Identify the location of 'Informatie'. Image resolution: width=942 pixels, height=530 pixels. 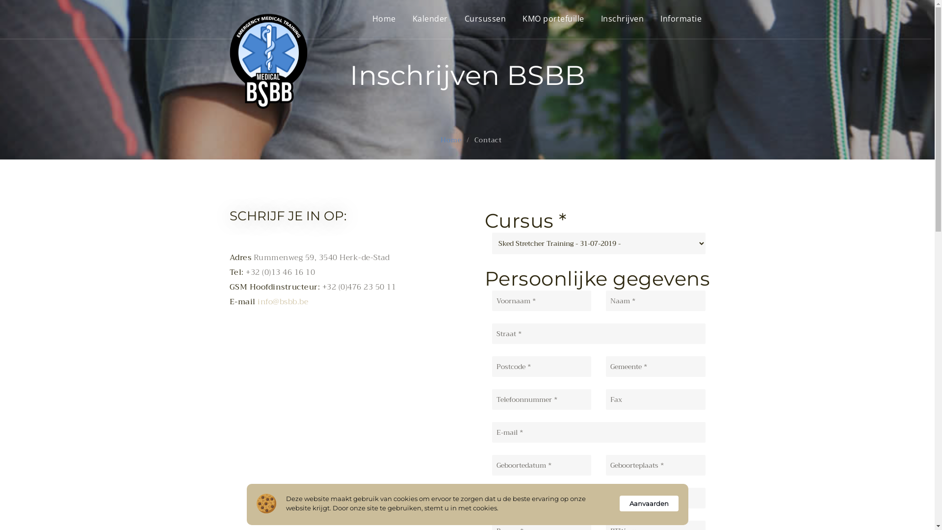
(680, 19).